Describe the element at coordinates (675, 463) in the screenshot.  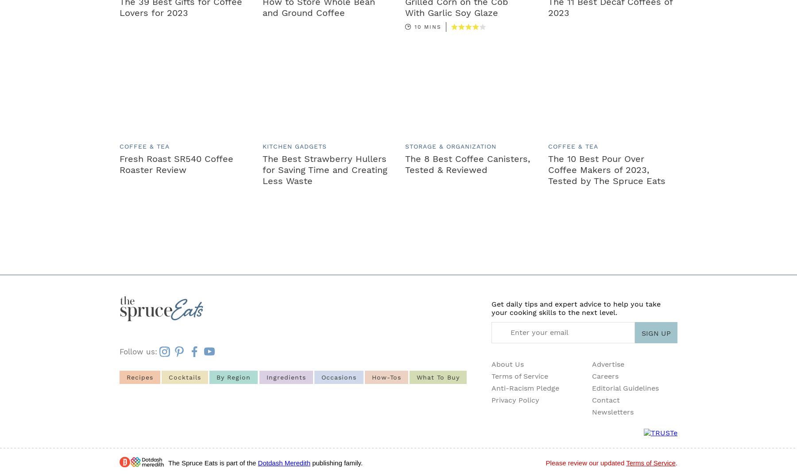
I see `'.'` at that location.